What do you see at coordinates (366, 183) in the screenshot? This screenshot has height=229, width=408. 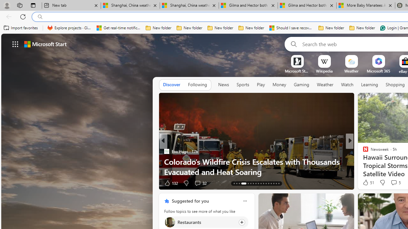 I see `'15 Like'` at bounding box center [366, 183].